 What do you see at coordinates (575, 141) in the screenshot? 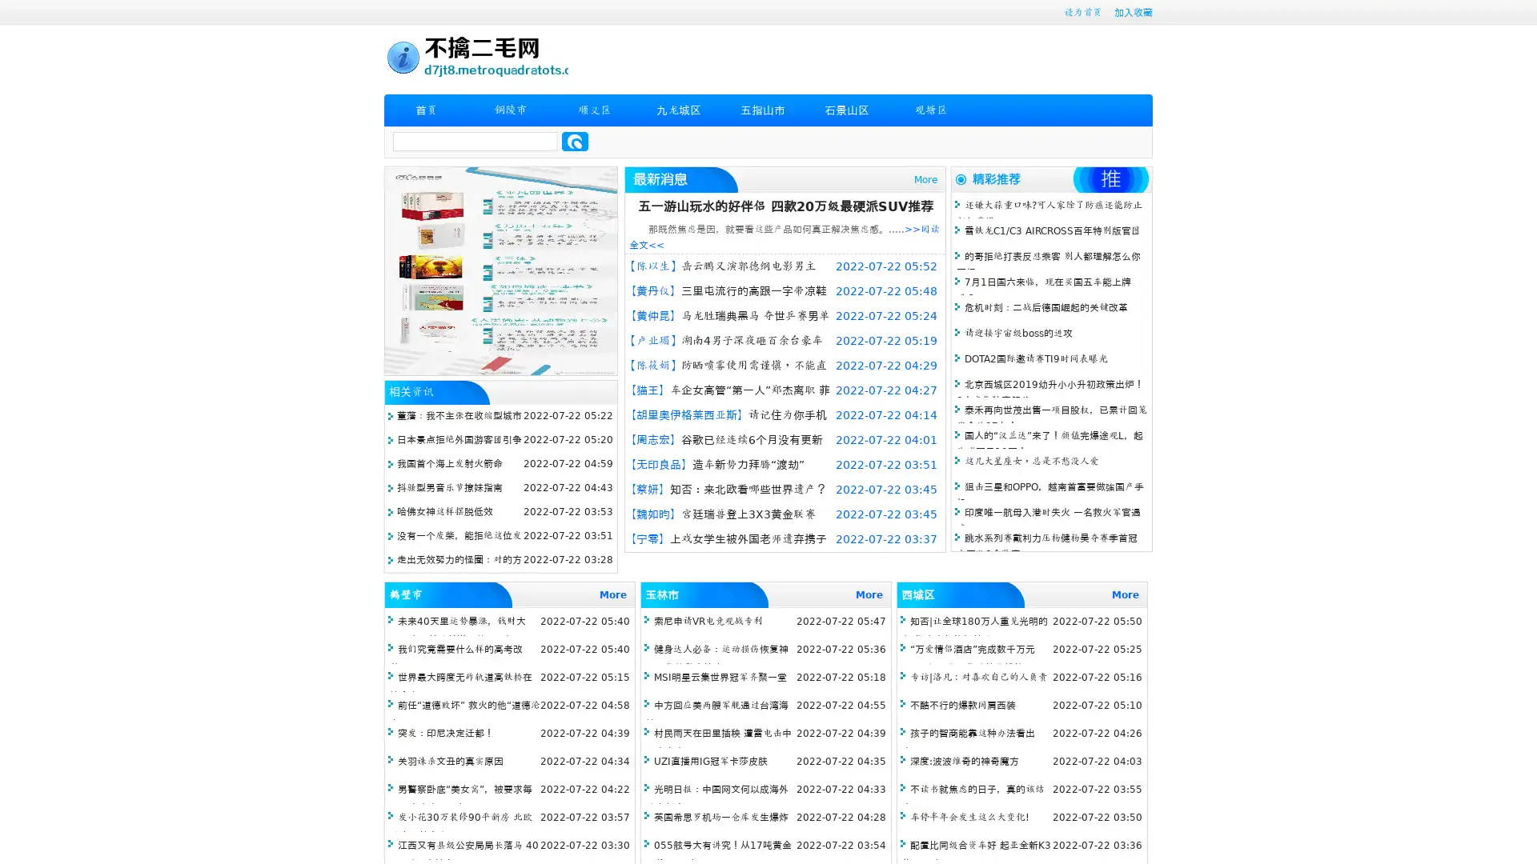
I see `Search` at bounding box center [575, 141].